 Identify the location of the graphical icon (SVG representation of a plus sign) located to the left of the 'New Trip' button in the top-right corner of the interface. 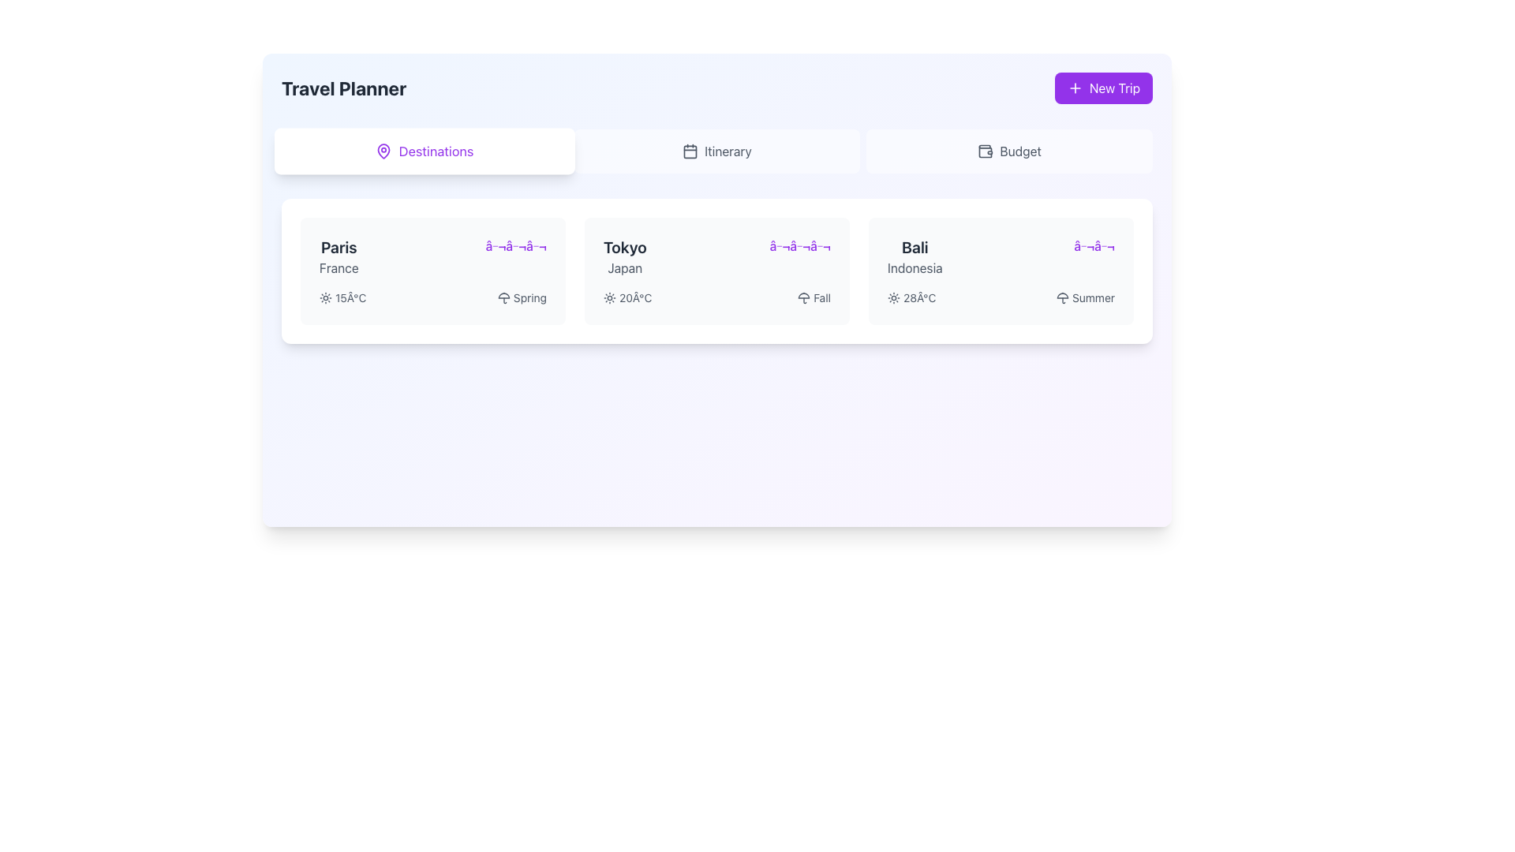
(1074, 88).